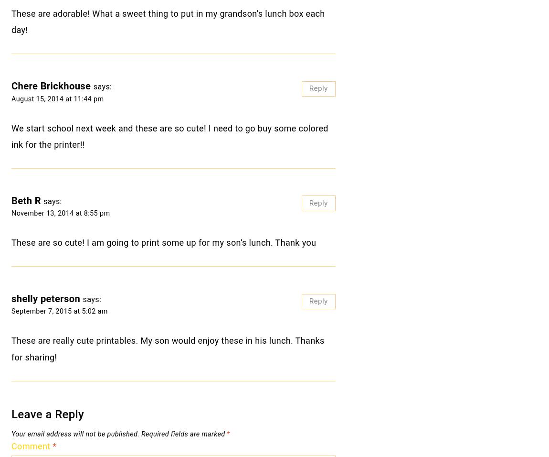 The height and width of the screenshot is (457, 549). Describe the element at coordinates (60, 213) in the screenshot. I see `'November 13, 2014 at 8:55 pm'` at that location.